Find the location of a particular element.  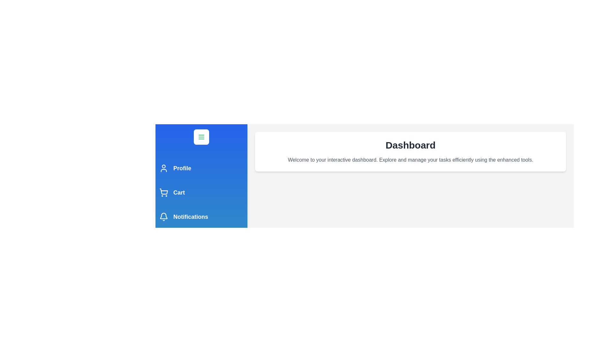

the Dashboard section to focus on it is located at coordinates (411, 151).